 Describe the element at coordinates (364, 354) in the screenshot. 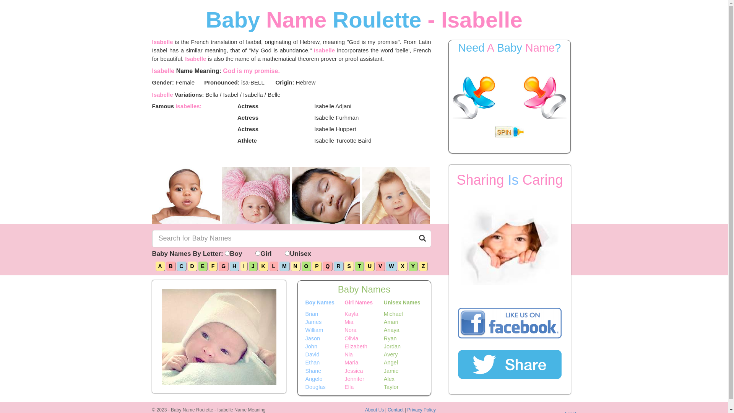

I see `'Nia'` at that location.